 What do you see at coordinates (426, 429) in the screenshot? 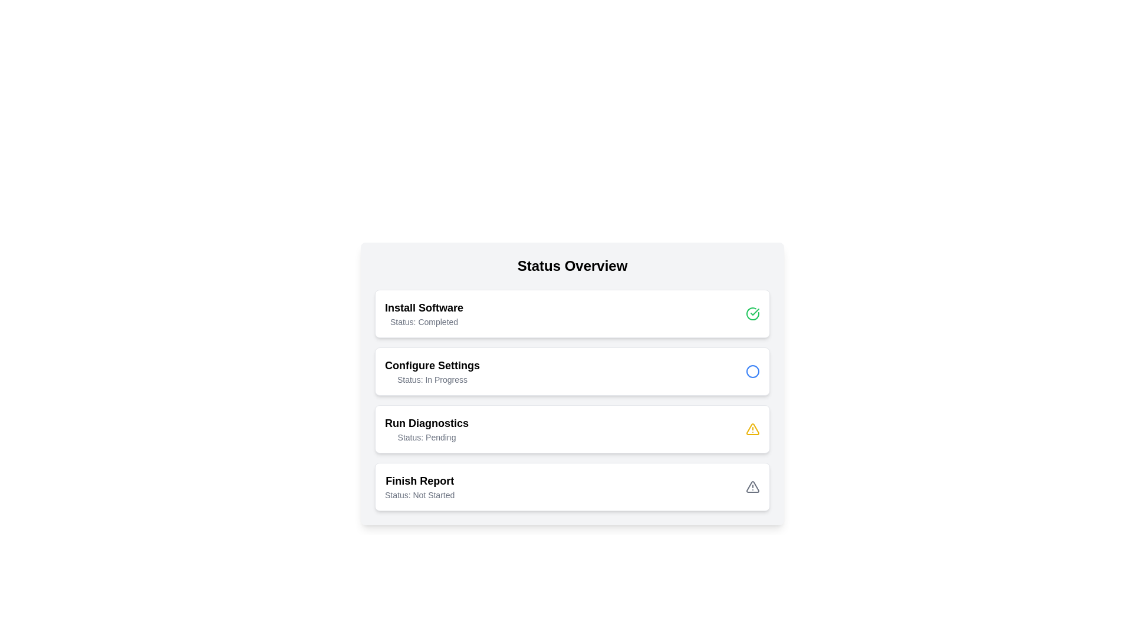
I see `the text label that displays the title 'Run Diagnostics' and its current state as 'Pending', located in the third row of a vertical stack of interactive cards` at bounding box center [426, 429].